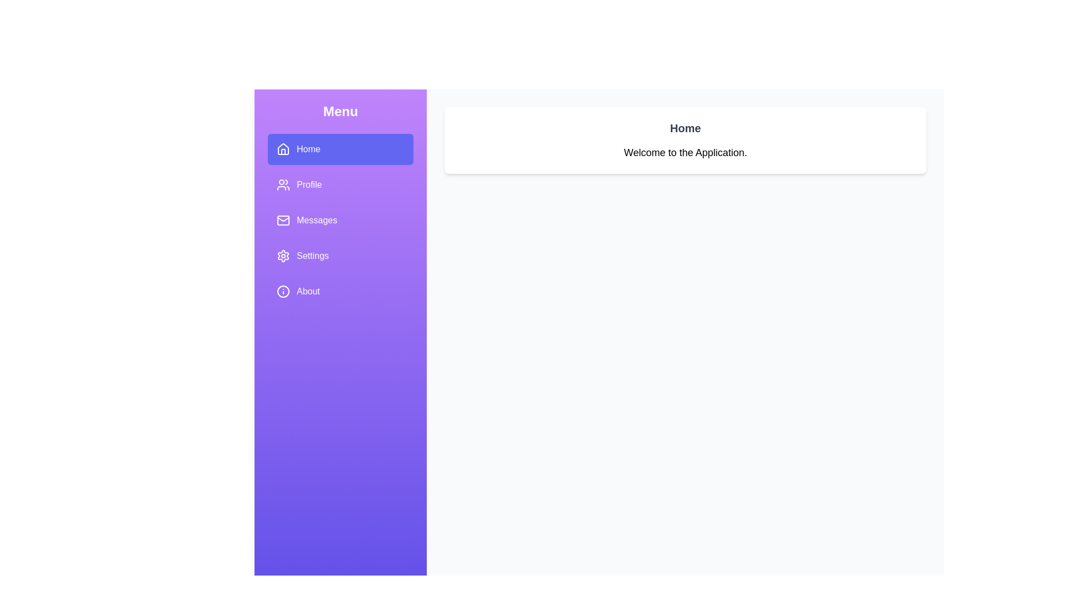  I want to click on the gear icon located to the left of the 'Settings' label in the vertical menu, so click(283, 256).